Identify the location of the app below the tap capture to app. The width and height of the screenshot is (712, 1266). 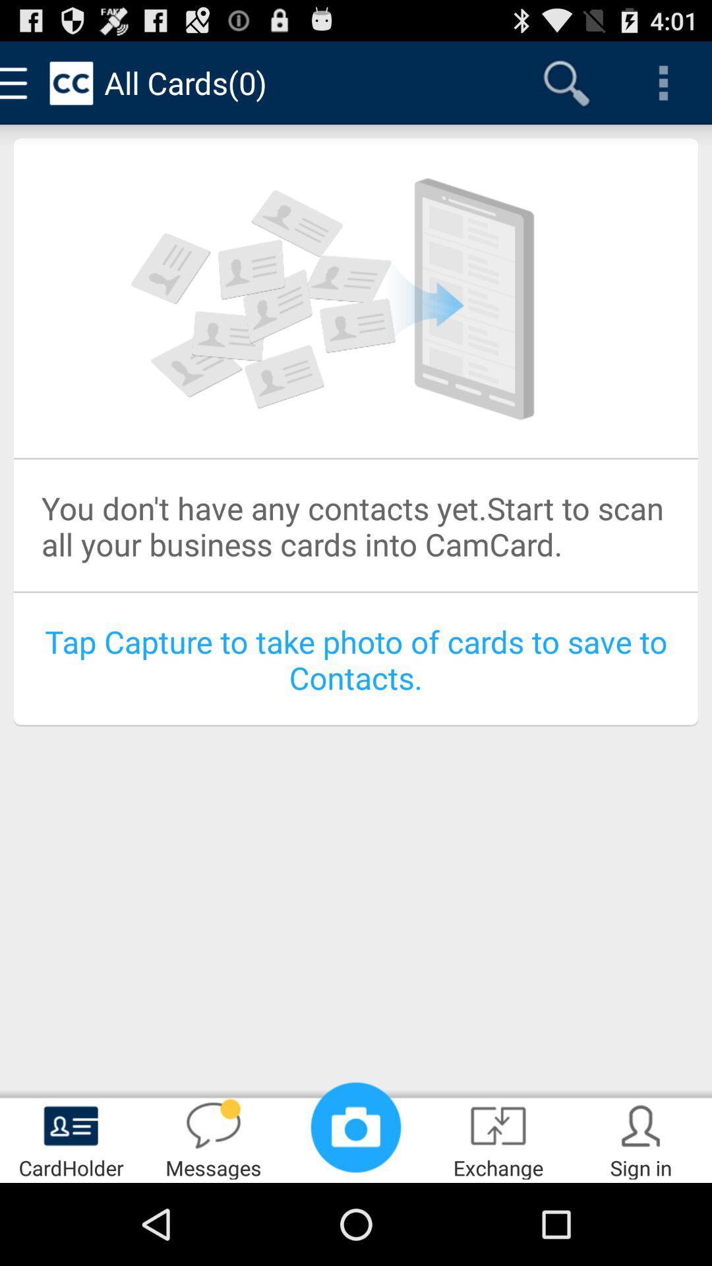
(356, 1126).